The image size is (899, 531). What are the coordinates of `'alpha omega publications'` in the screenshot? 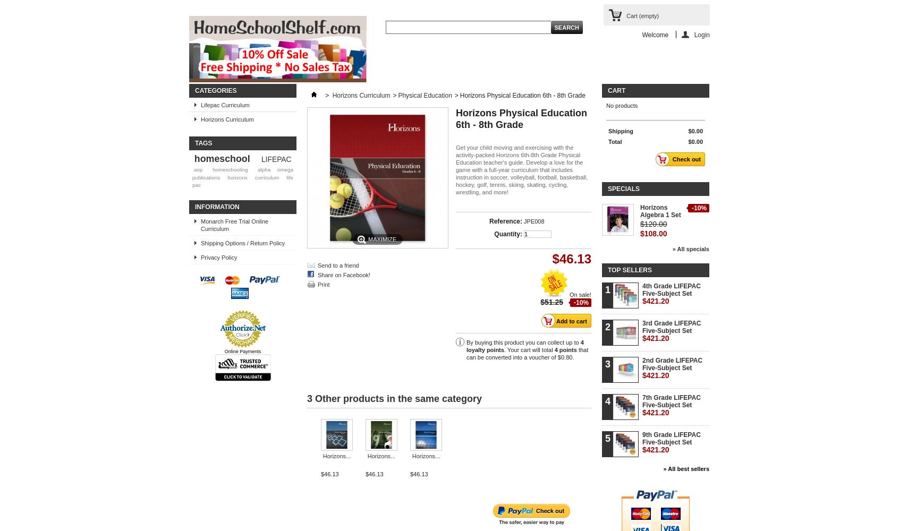 It's located at (242, 173).